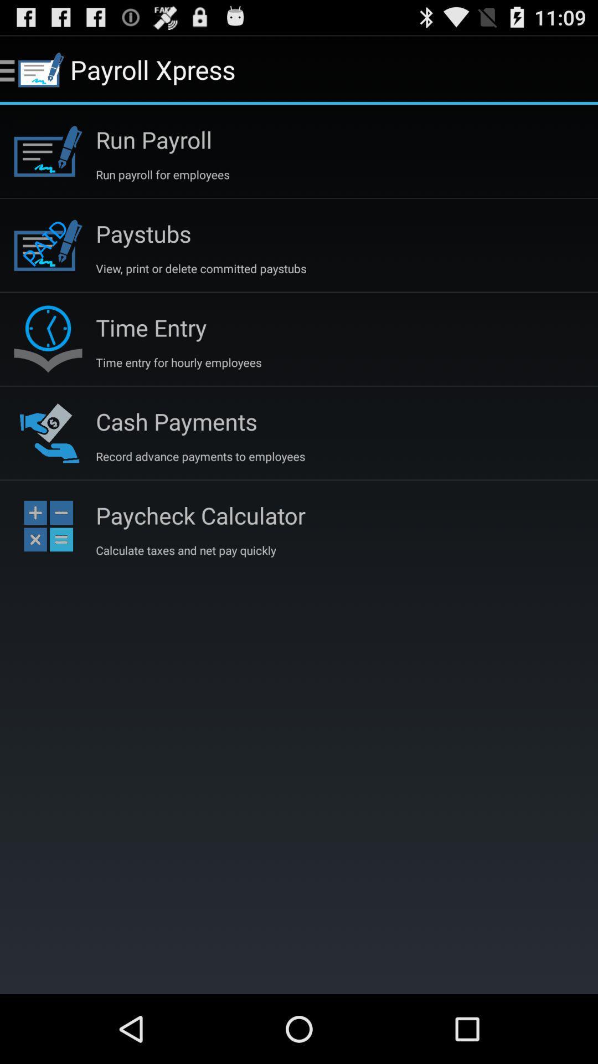 This screenshot has height=1064, width=598. What do you see at coordinates (200, 456) in the screenshot?
I see `app above paycheck calculator icon` at bounding box center [200, 456].